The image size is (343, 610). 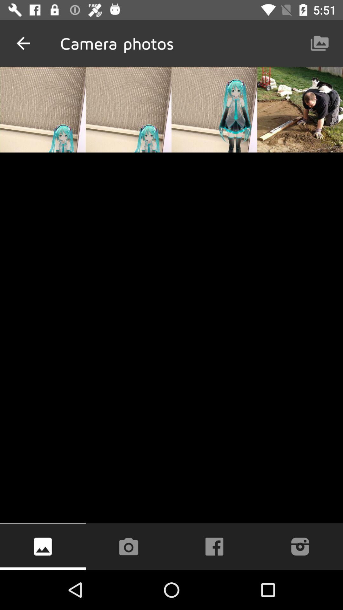 What do you see at coordinates (300, 546) in the screenshot?
I see `share to instagram` at bounding box center [300, 546].